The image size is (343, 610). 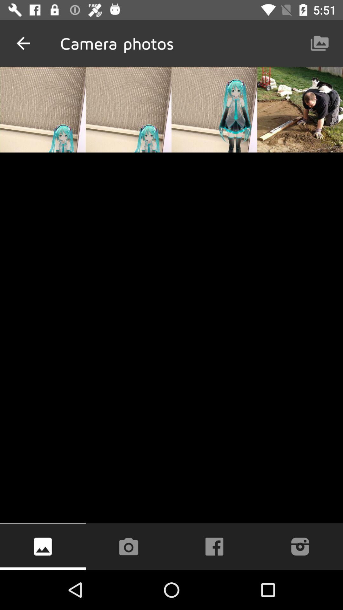 What do you see at coordinates (300, 546) in the screenshot?
I see `share to instagram` at bounding box center [300, 546].